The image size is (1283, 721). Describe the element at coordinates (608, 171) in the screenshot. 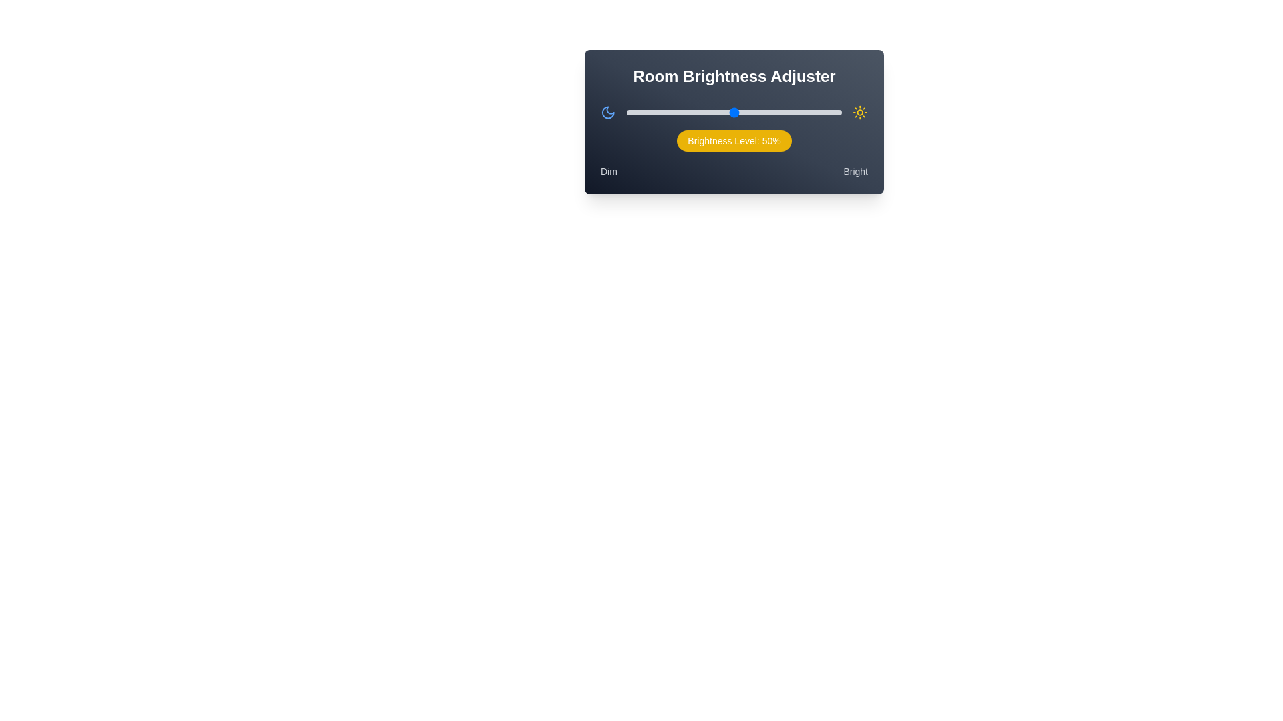

I see `the Dim label to adjust the brightness` at that location.